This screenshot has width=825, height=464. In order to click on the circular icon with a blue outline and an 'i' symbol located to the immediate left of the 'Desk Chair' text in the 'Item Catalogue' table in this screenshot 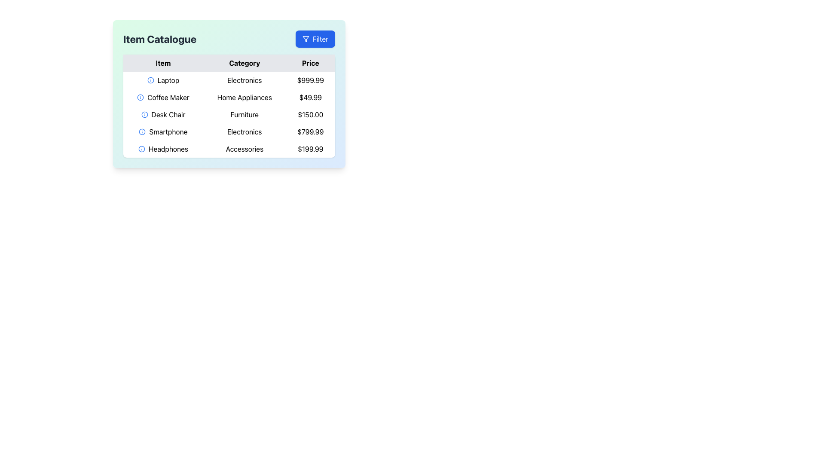, I will do `click(144, 114)`.